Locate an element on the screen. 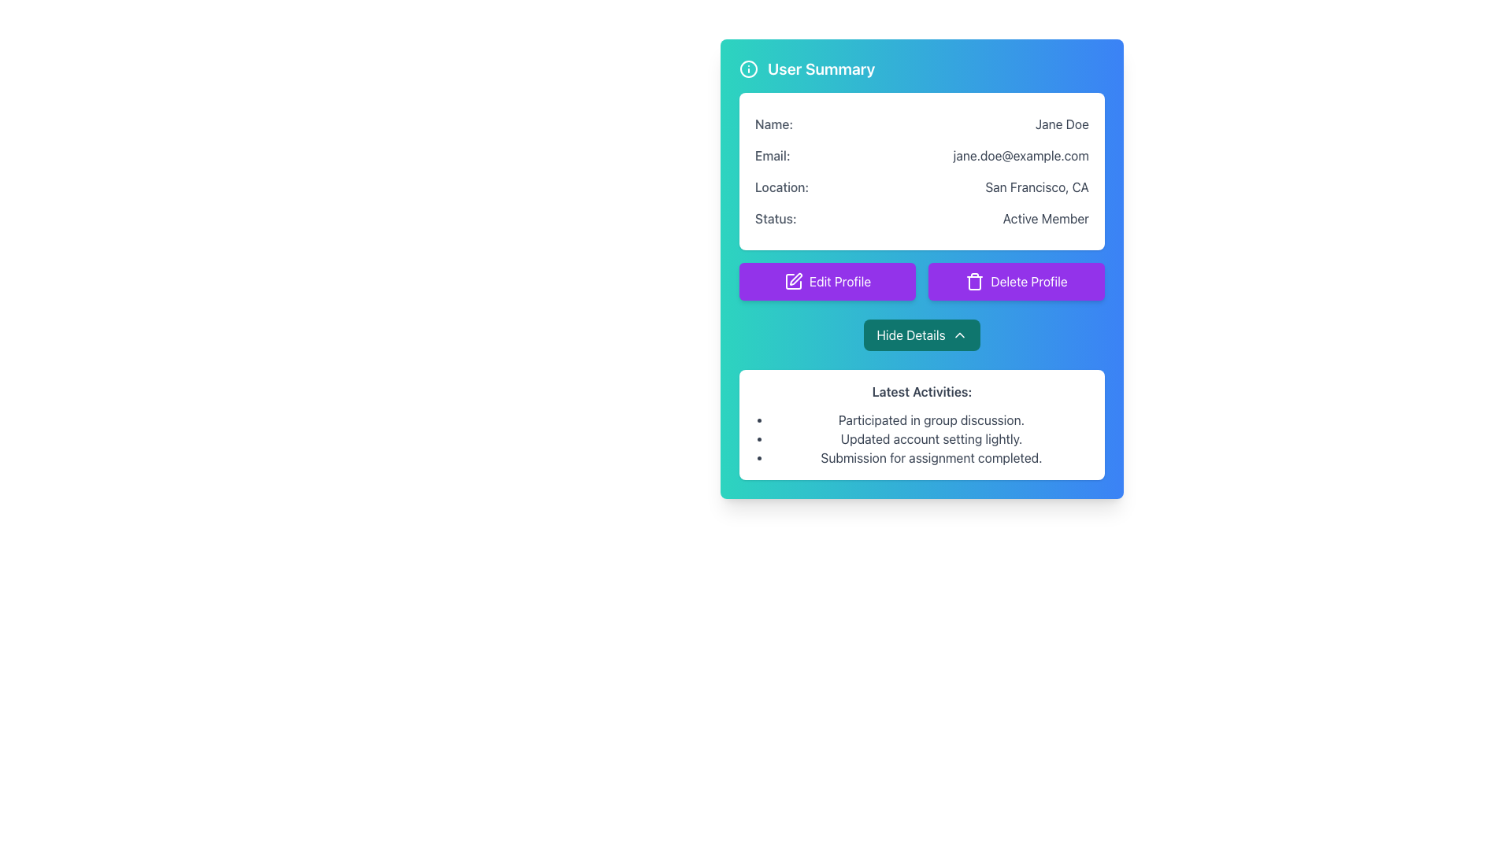 Image resolution: width=1512 pixels, height=850 pixels. Label with an icon located in the top-left corner of the card section, summarizing its contents and providing a quick reference for users is located at coordinates (807, 68).